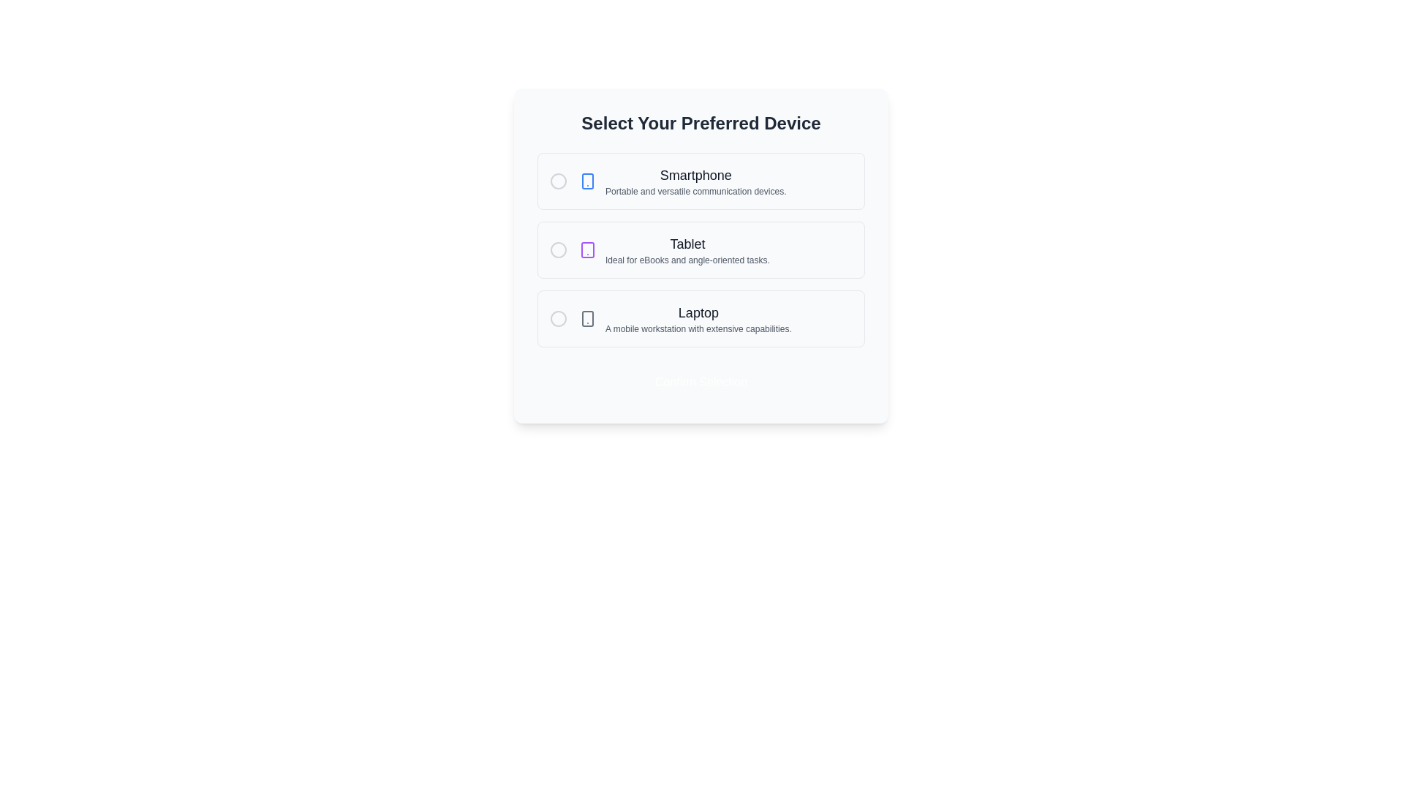 This screenshot has width=1404, height=790. What do you see at coordinates (701, 255) in the screenshot?
I see `the 'Tablet' option in the OptionCardList` at bounding box center [701, 255].